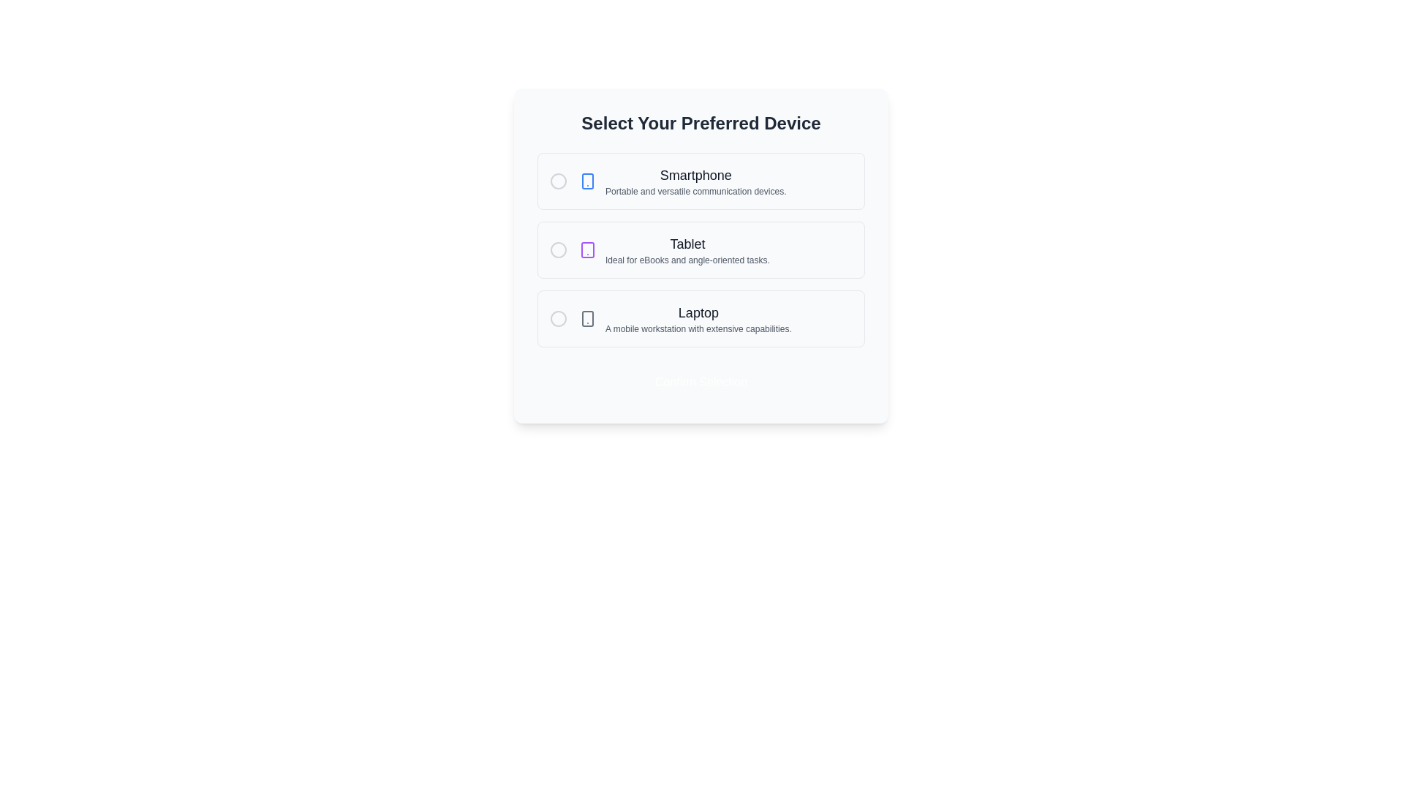 This screenshot has width=1404, height=790. What do you see at coordinates (701, 255) in the screenshot?
I see `the 'Tablet' option in the OptionCardList` at bounding box center [701, 255].